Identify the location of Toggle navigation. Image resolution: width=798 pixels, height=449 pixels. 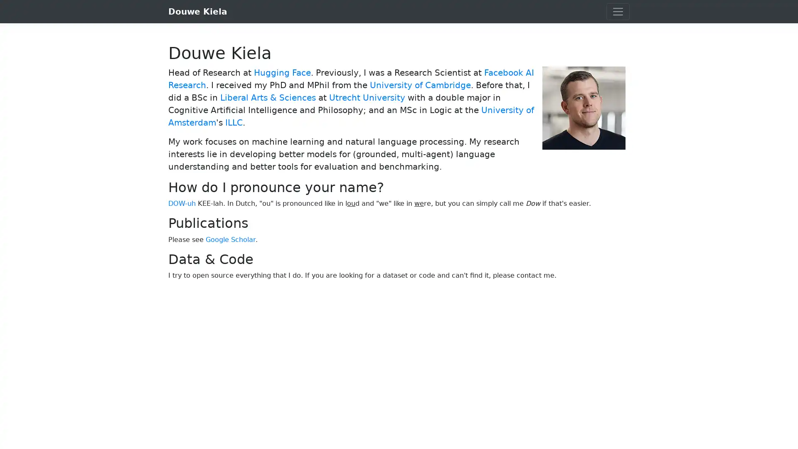
(618, 11).